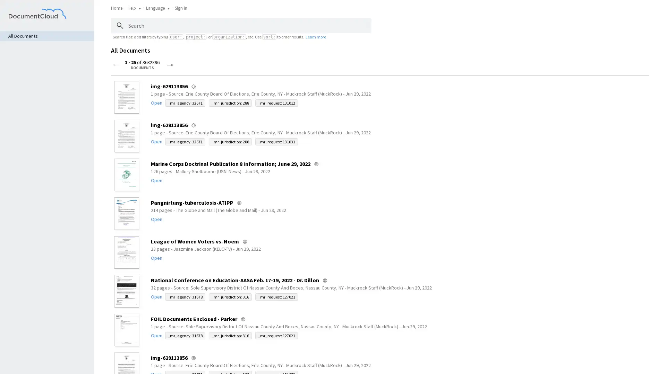 Image resolution: width=666 pixels, height=374 pixels. What do you see at coordinates (276, 103) in the screenshot?
I see `_mr_request: 131012` at bounding box center [276, 103].